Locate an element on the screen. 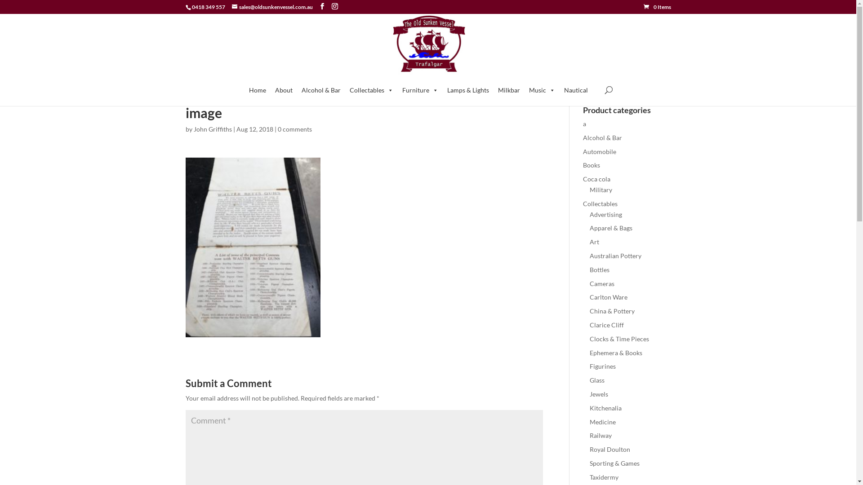 This screenshot has width=863, height=485. 'Coca cola' is located at coordinates (583, 179).